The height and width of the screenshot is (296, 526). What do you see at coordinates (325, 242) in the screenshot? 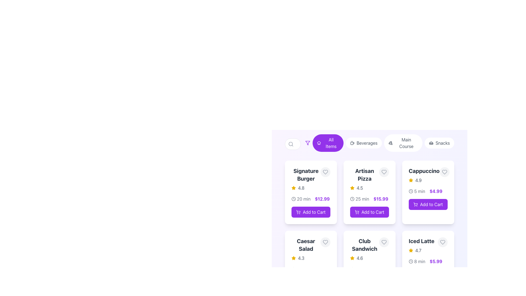
I see `the favorite button for the 'Caesar Salad' item located` at bounding box center [325, 242].